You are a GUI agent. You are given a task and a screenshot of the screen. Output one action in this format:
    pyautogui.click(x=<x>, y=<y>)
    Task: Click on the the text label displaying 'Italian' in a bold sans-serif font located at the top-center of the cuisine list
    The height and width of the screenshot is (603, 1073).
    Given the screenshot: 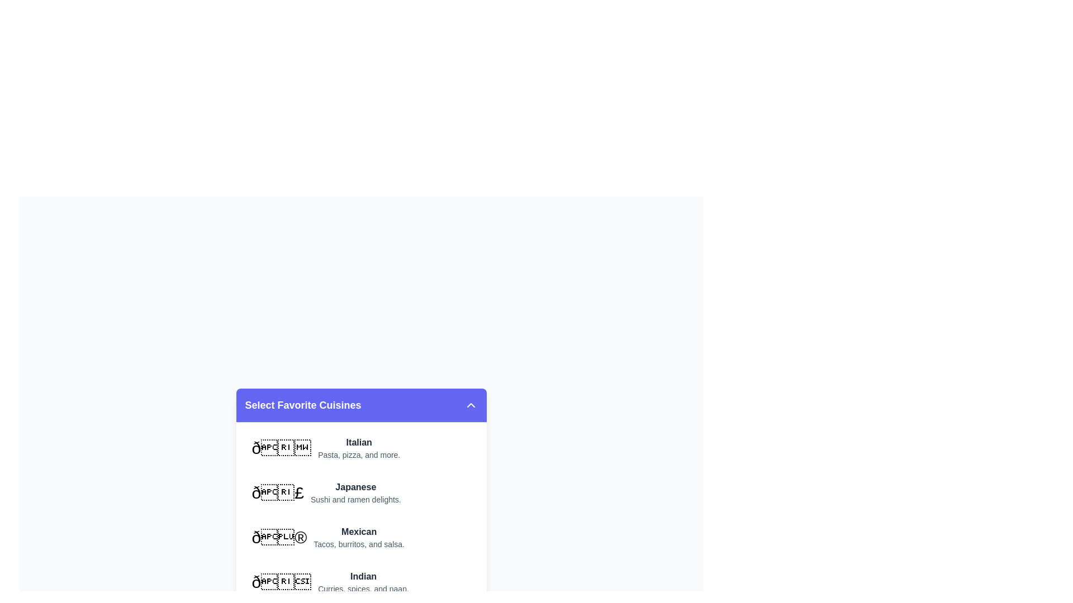 What is the action you would take?
    pyautogui.click(x=359, y=442)
    